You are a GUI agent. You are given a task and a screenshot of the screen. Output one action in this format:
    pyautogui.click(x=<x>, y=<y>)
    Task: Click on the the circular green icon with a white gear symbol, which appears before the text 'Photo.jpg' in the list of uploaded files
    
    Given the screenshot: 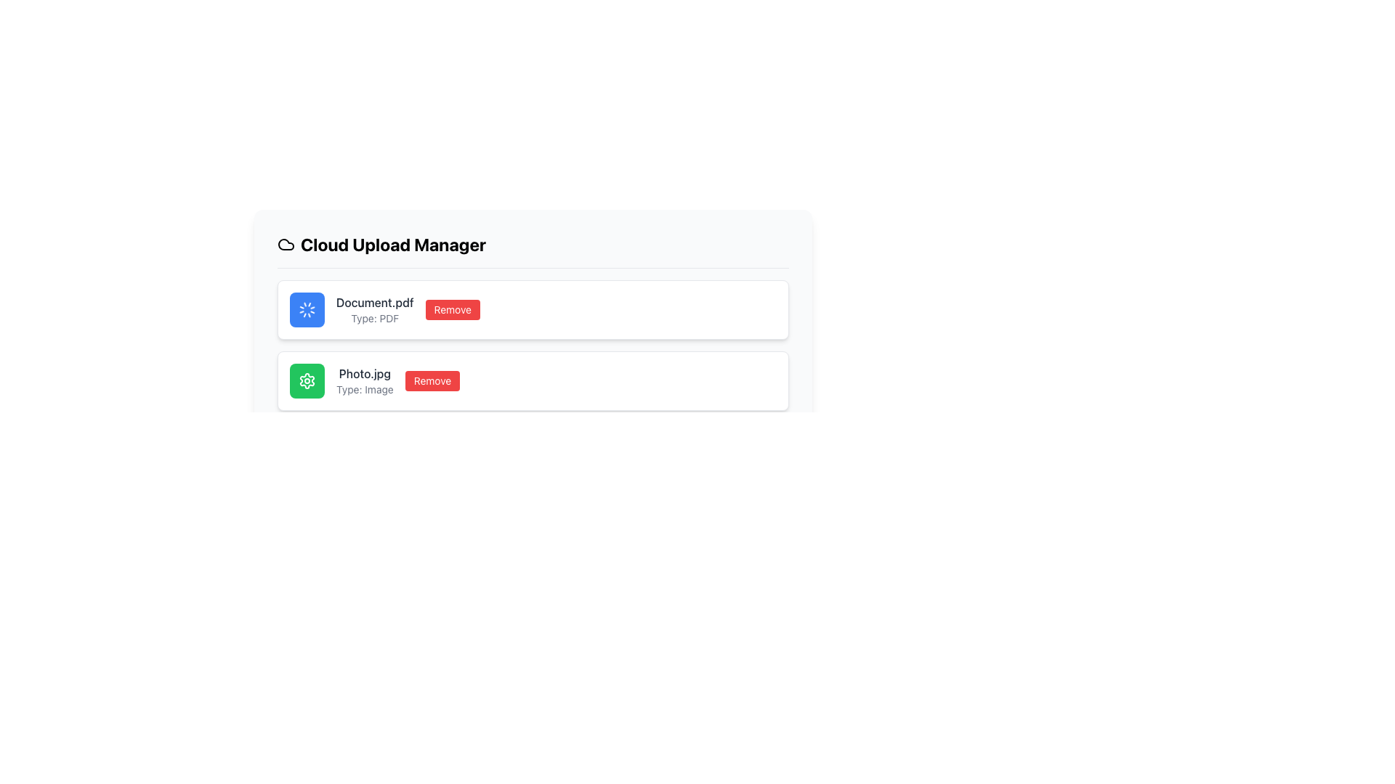 What is the action you would take?
    pyautogui.click(x=306, y=380)
    